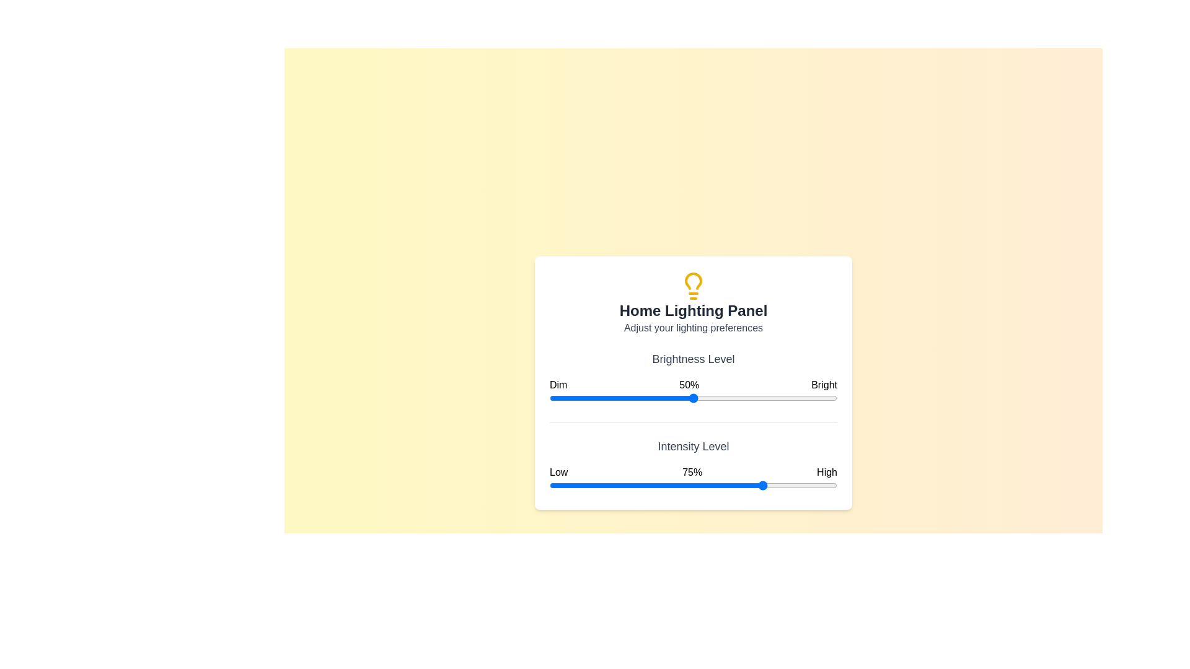  Describe the element at coordinates (702, 484) in the screenshot. I see `the intensity level` at that location.